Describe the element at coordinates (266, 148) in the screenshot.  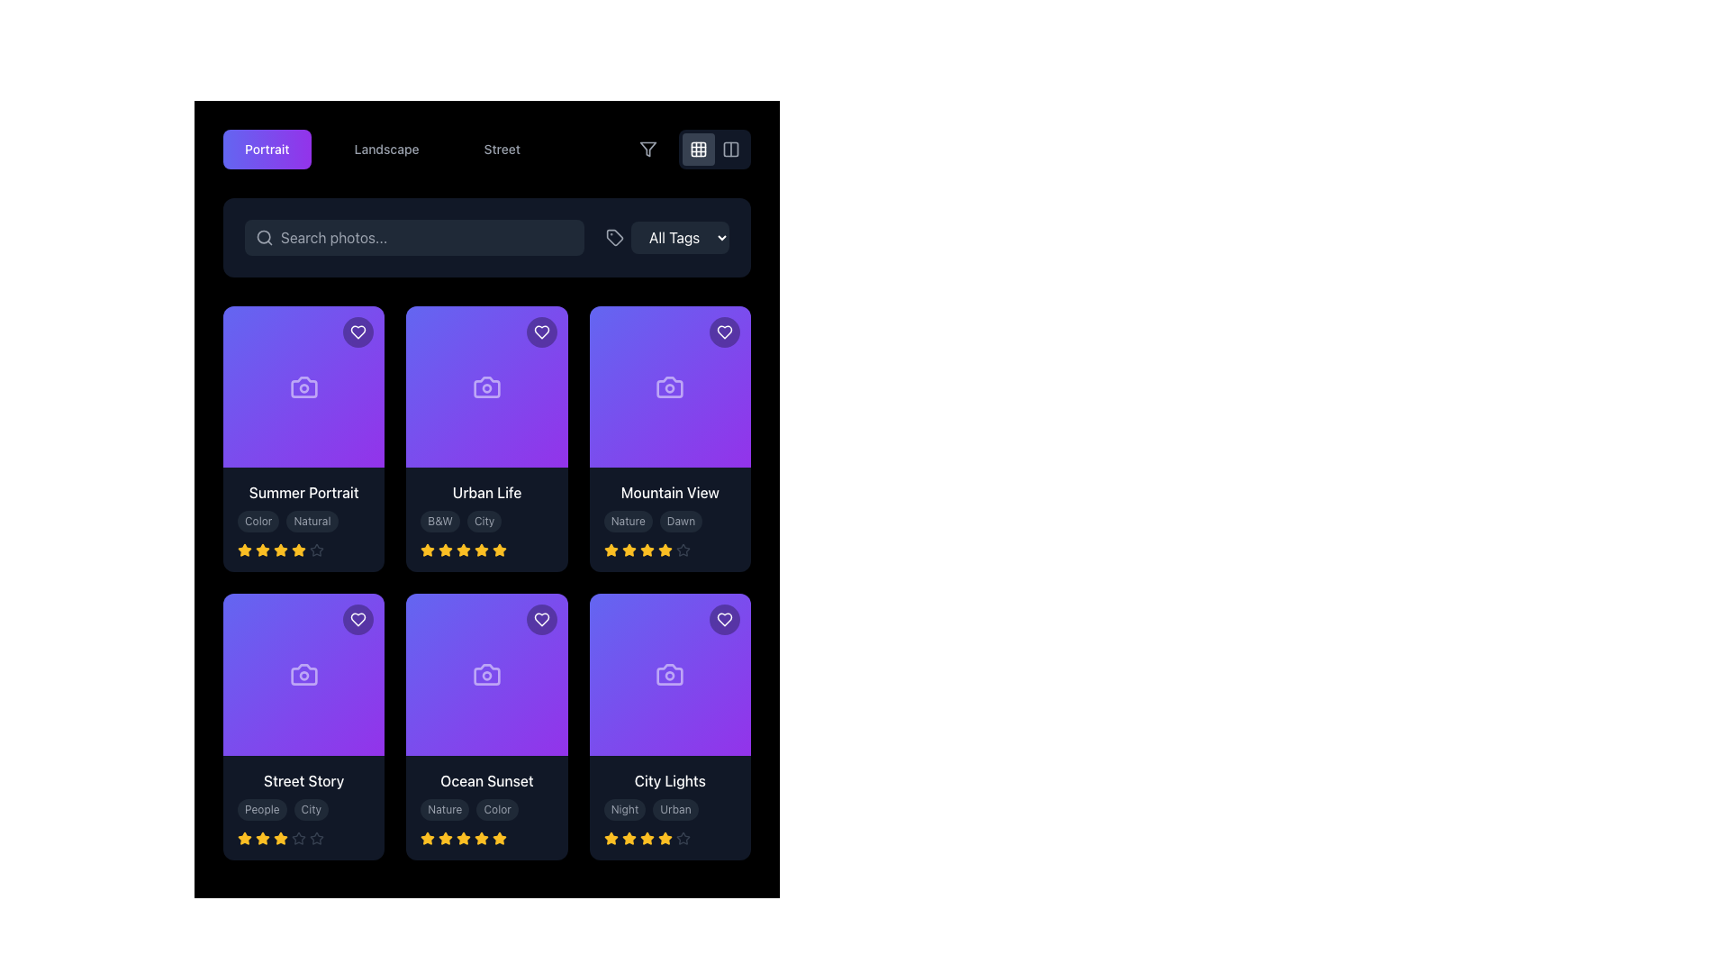
I see `the 'Portrait' button located at the top-left section of the interface to filter or categorize content related to 'Portrait'` at that location.